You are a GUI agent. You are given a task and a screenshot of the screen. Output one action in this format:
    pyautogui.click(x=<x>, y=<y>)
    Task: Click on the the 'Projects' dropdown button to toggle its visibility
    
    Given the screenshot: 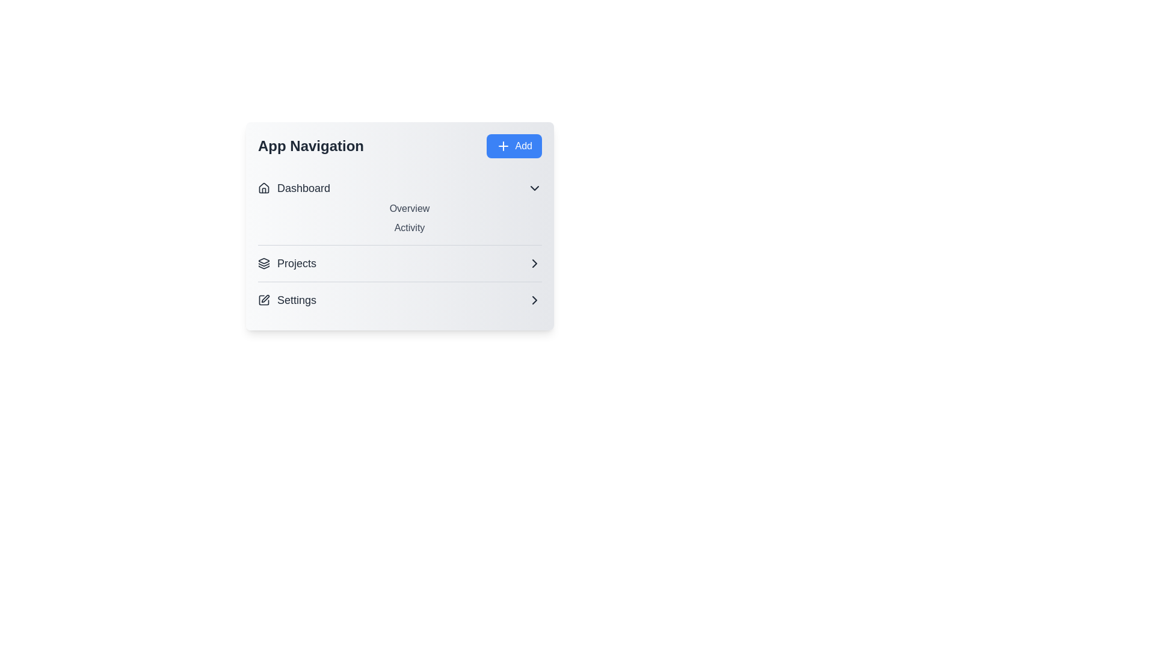 What is the action you would take?
    pyautogui.click(x=400, y=263)
    